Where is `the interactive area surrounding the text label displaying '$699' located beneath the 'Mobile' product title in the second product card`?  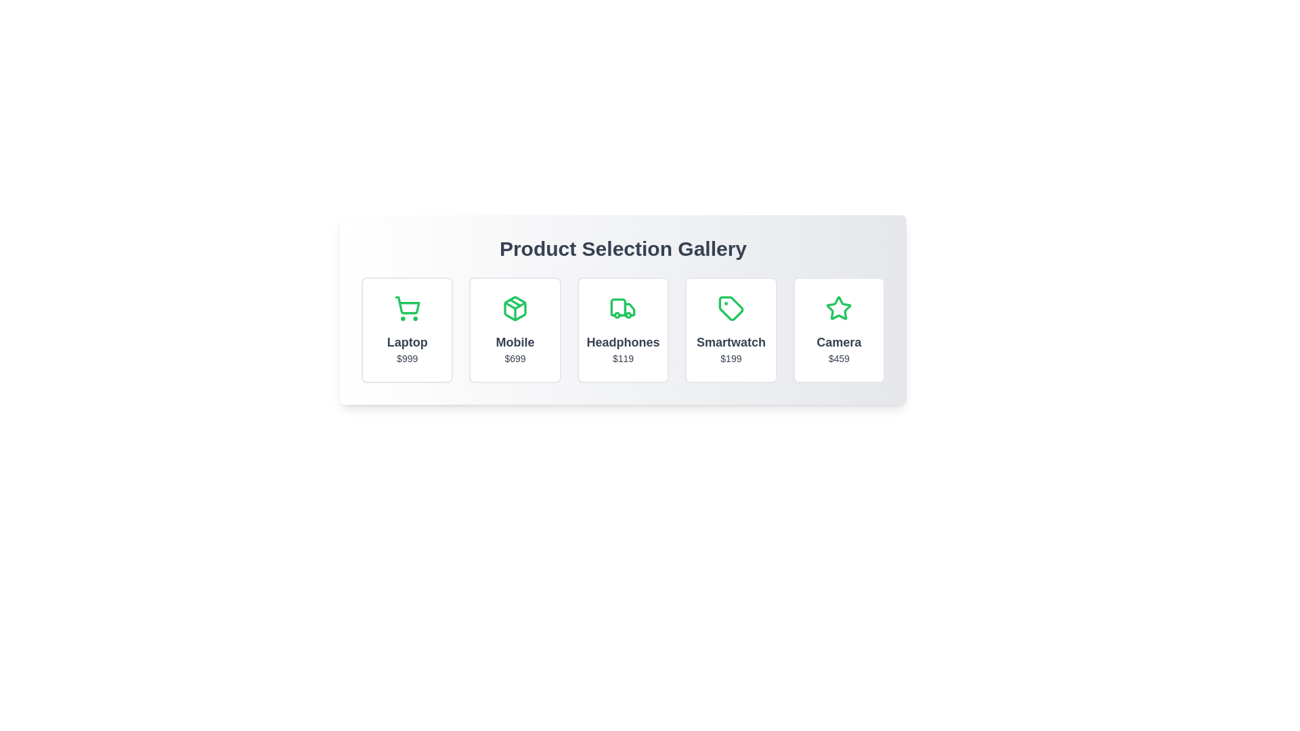
the interactive area surrounding the text label displaying '$699' located beneath the 'Mobile' product title in the second product card is located at coordinates (515, 357).